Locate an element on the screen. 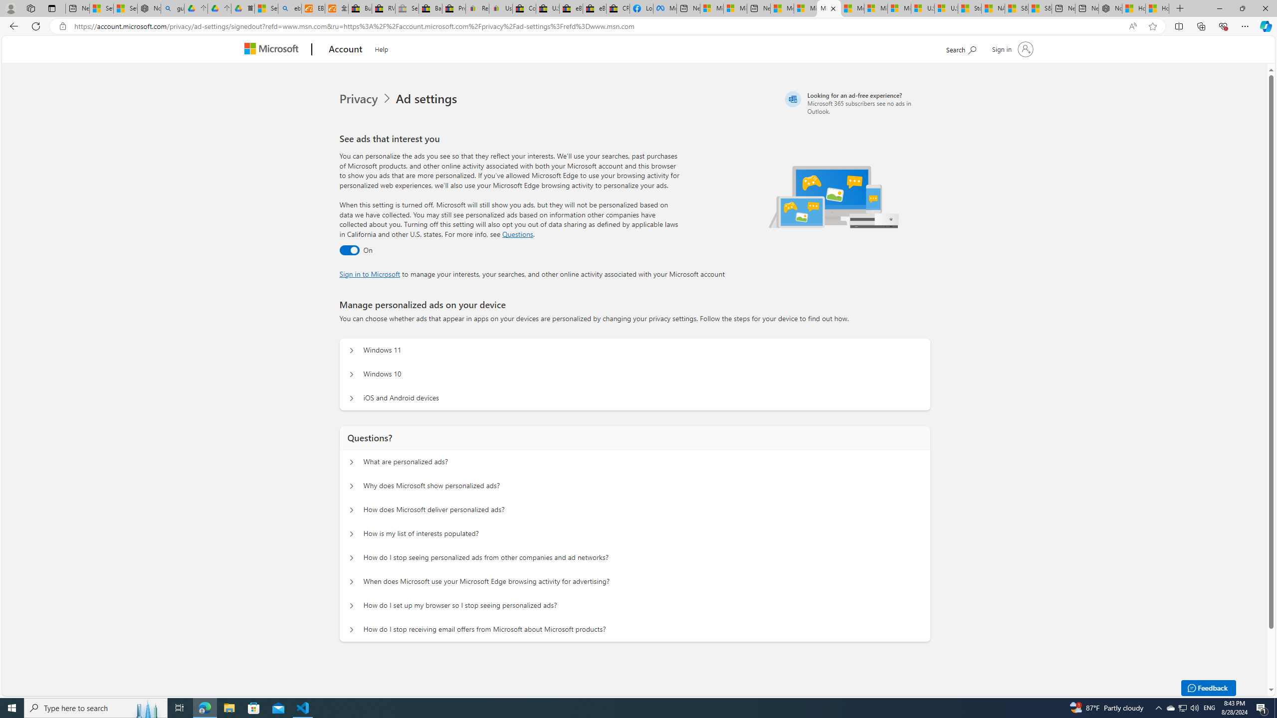 The width and height of the screenshot is (1277, 718). 'Questions? How does Microsoft deliver personalized ads?' is located at coordinates (352, 510).